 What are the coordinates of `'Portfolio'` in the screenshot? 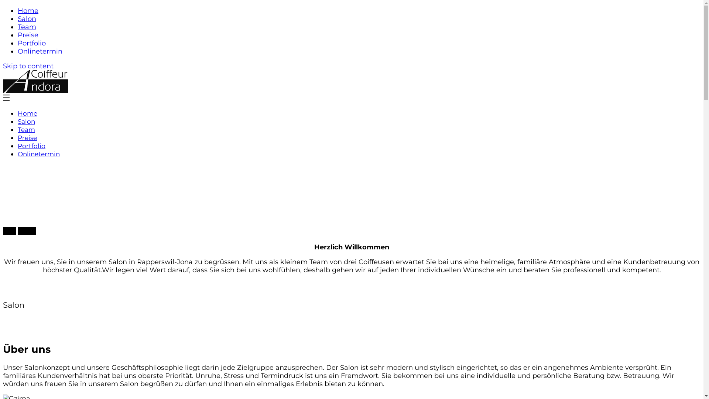 It's located at (18, 146).